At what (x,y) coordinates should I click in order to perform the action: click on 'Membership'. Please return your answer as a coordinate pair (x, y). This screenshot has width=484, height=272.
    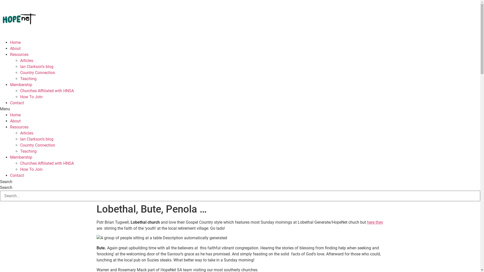
    Looking at the image, I should click on (21, 84).